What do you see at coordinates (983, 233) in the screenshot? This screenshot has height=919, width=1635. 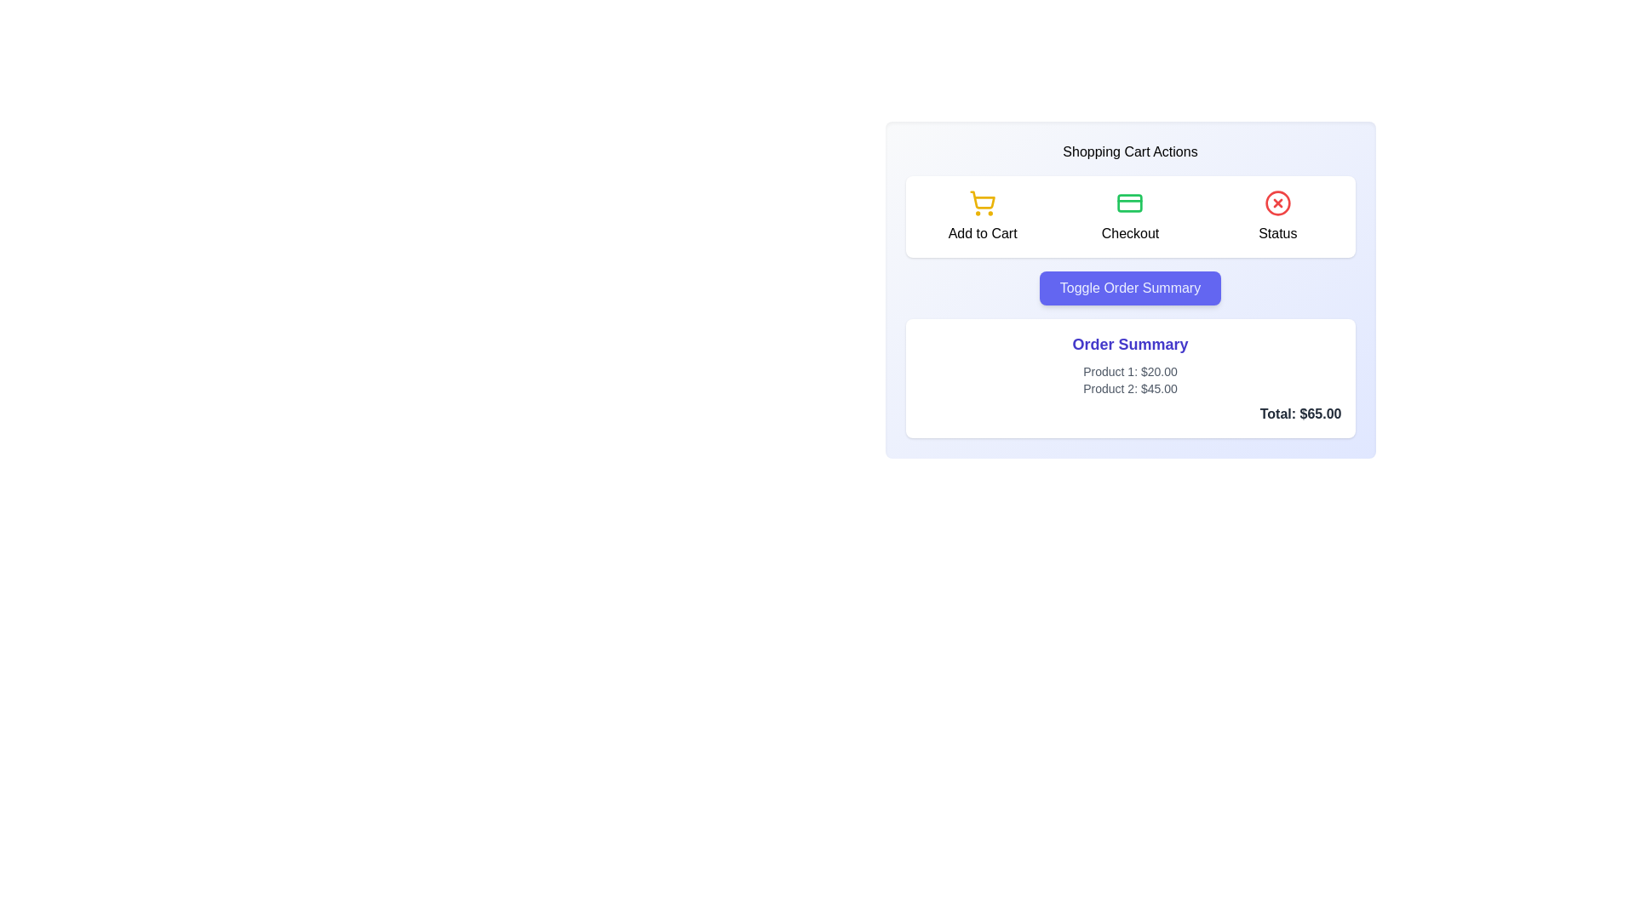 I see `the 'Add to Cart' text label, which is positioned below the shopping cart icon in the leftmost part of the row containing 'Checkout' and 'Status' buttons` at bounding box center [983, 233].